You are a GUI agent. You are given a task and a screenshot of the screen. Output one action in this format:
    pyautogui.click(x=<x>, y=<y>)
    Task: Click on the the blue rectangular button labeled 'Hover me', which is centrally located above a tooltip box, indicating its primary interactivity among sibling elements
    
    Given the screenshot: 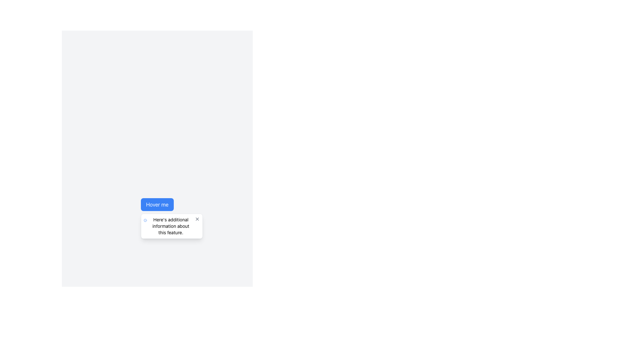 What is the action you would take?
    pyautogui.click(x=157, y=205)
    